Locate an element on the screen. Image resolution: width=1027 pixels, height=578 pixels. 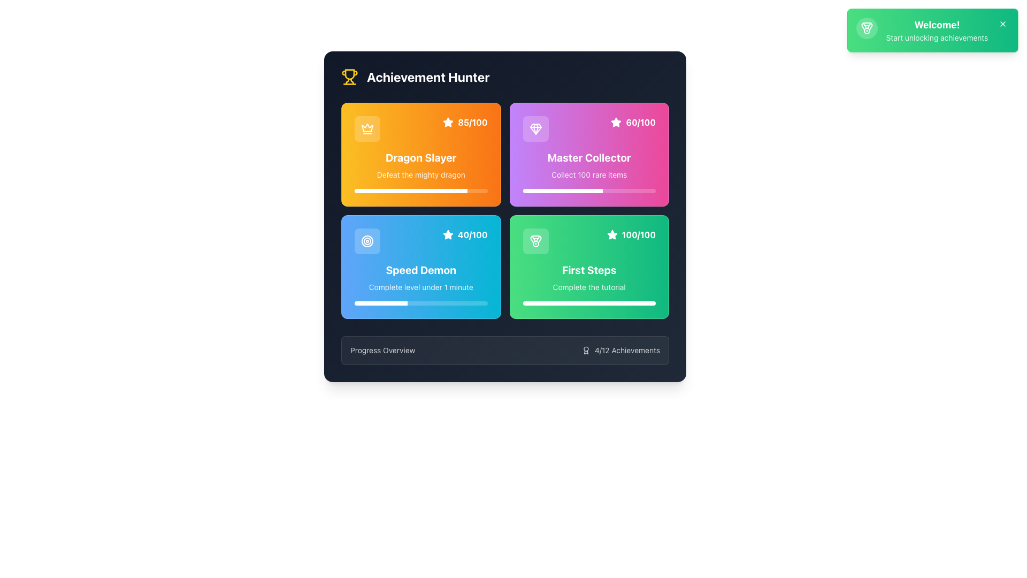
and interpret the text 'Master Collector' from the bold text label located in the second card of the main achievement grid, which features a purple-to-pink gradient background is located at coordinates (588, 157).